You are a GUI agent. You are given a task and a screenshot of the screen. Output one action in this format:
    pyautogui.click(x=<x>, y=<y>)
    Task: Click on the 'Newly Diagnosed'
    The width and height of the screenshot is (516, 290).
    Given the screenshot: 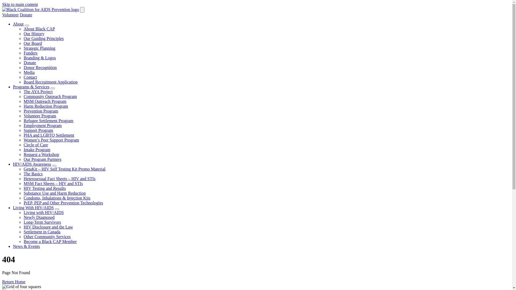 What is the action you would take?
    pyautogui.click(x=39, y=217)
    